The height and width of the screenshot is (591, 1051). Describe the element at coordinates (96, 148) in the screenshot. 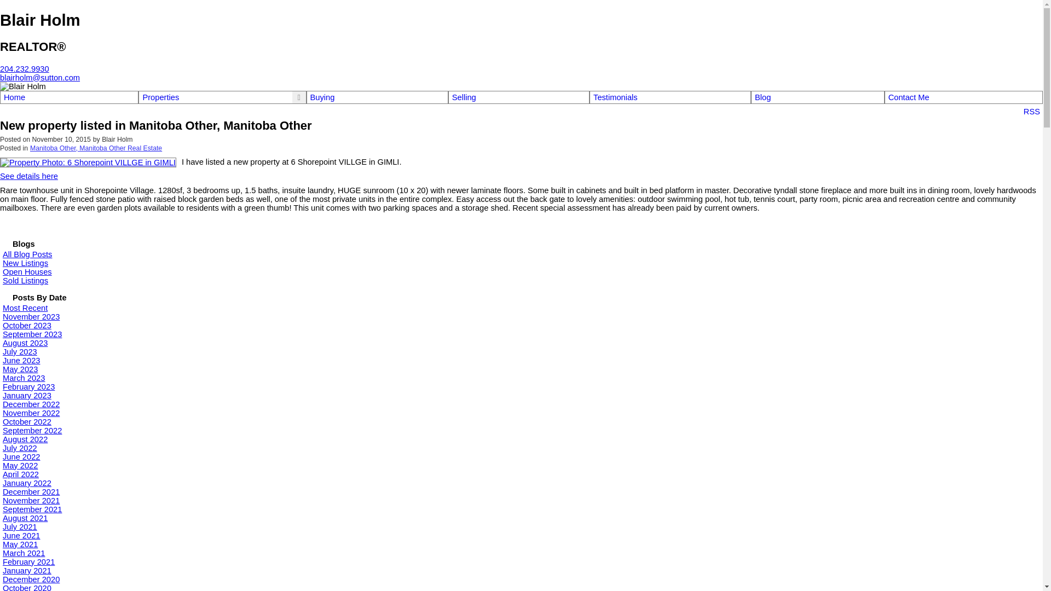

I see `'Manitoba Other, Manitoba Other Real Estate'` at that location.